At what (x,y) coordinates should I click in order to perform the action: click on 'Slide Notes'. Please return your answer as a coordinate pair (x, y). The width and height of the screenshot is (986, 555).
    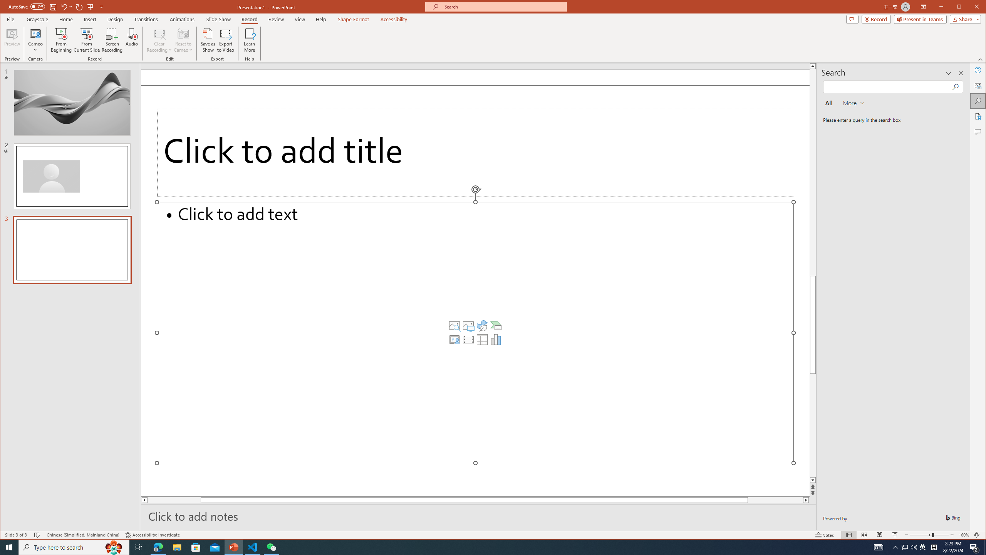
    Looking at the image, I should click on (478, 515).